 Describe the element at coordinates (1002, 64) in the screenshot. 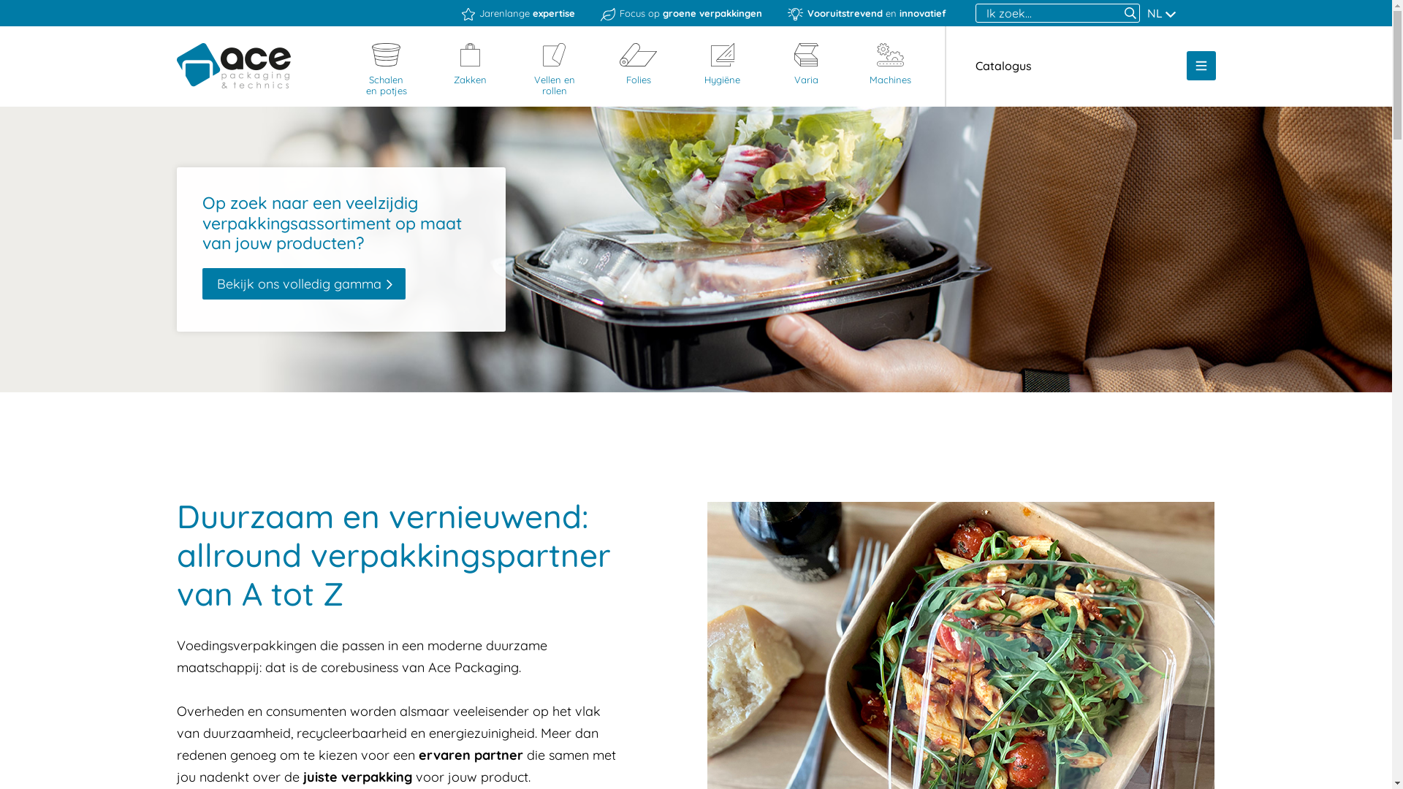

I see `'Catalogus'` at that location.